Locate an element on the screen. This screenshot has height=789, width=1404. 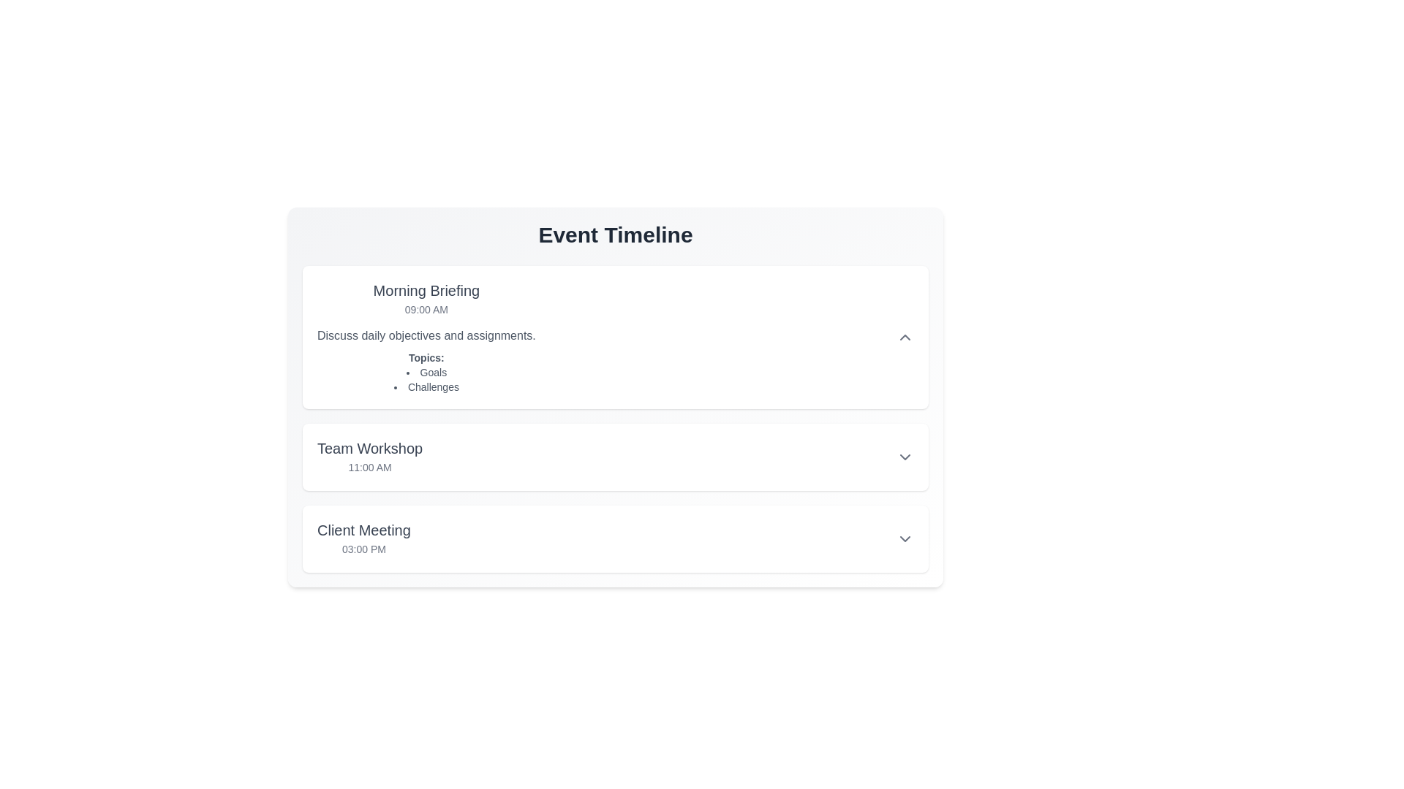
the 'Goals' text label, which is the first item in the bulleted list of topics in the 'Morning Briefing' section is located at coordinates (426, 371).